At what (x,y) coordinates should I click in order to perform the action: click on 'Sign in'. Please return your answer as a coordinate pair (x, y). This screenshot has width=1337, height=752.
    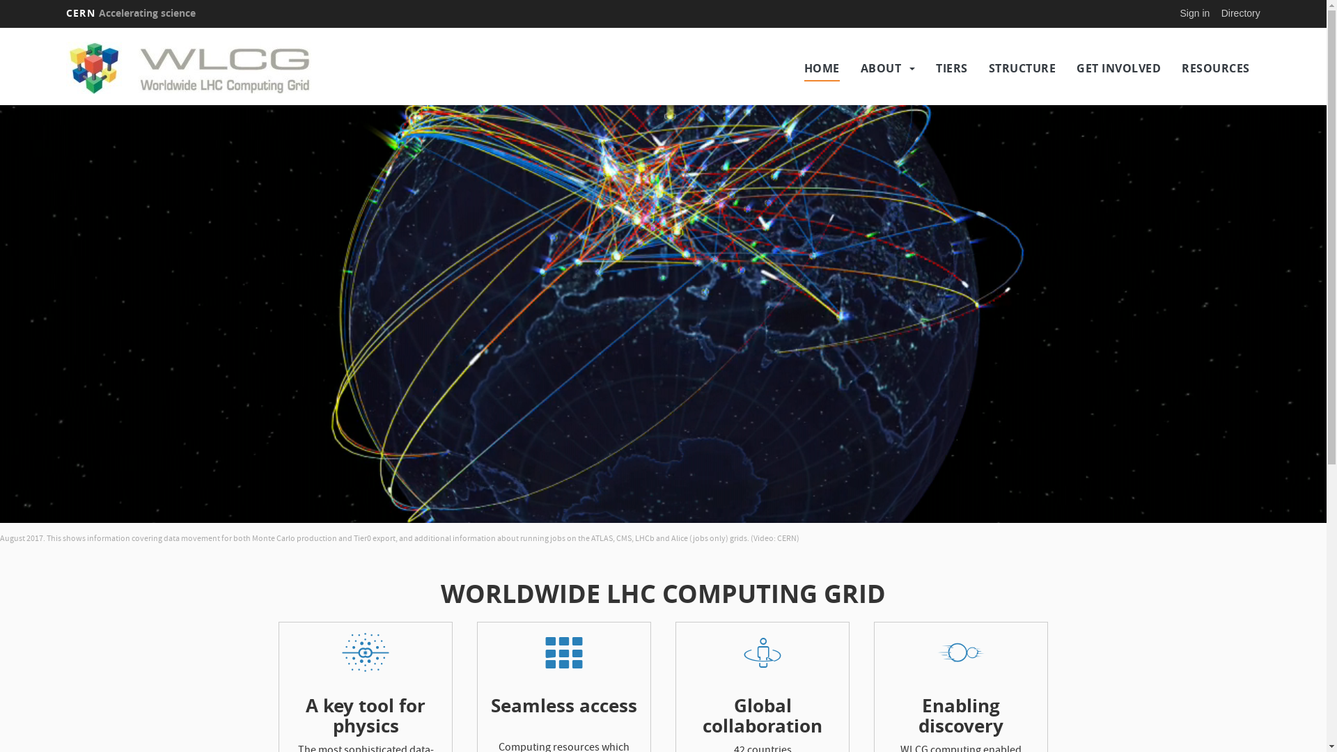
    Looking at the image, I should click on (1194, 13).